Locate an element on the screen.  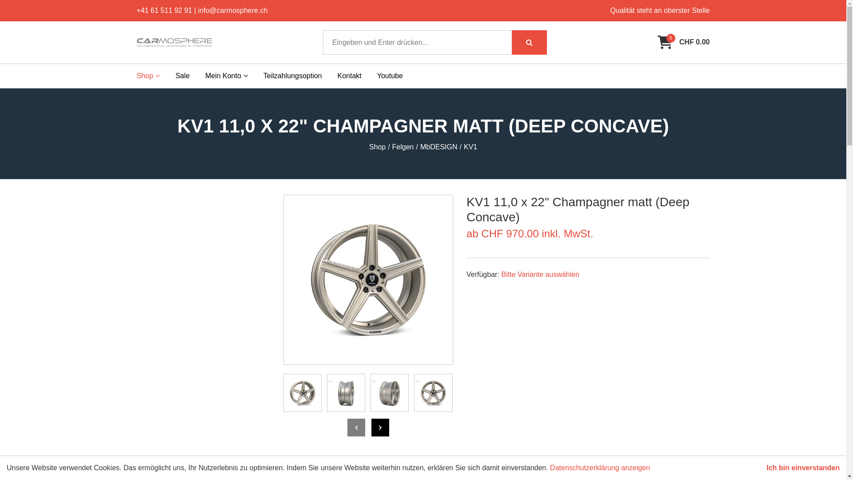
'MbDESIGN' is located at coordinates (439, 147).